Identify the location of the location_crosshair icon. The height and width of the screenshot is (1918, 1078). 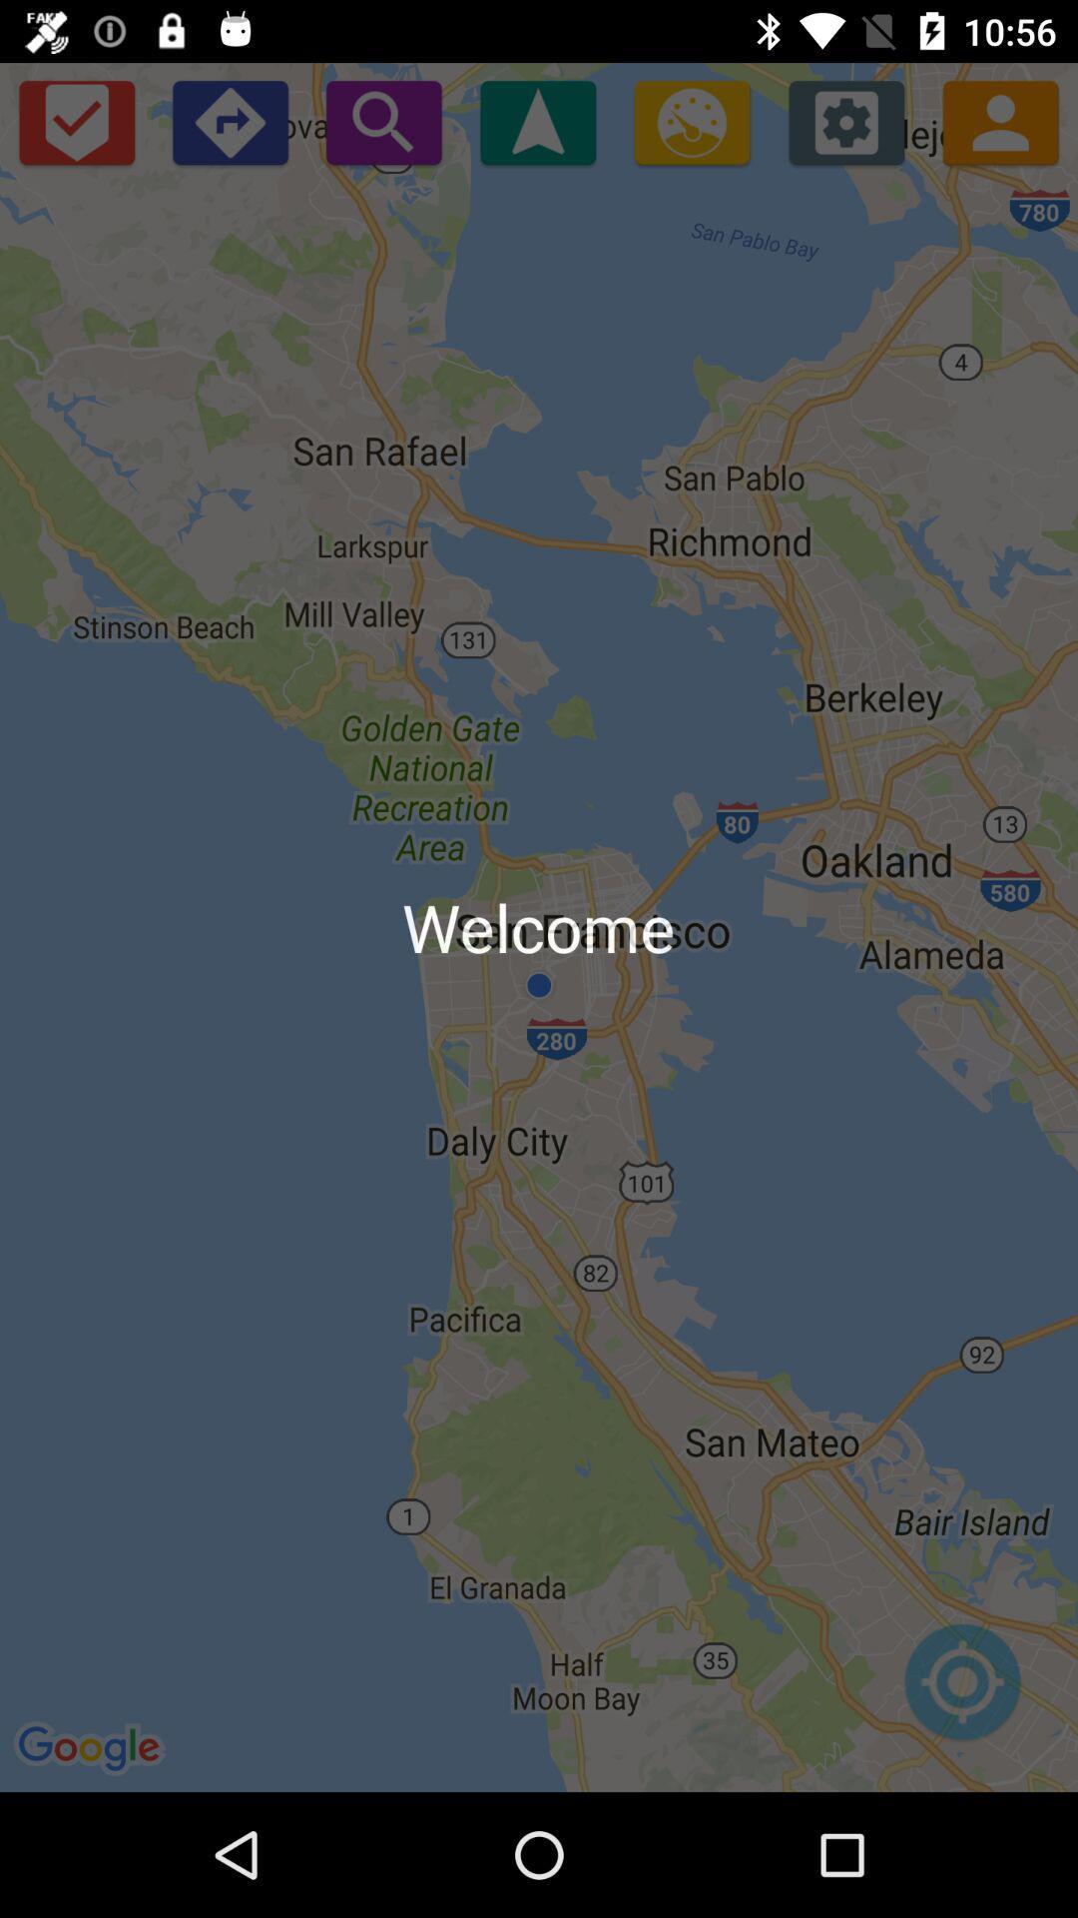
(961, 1691).